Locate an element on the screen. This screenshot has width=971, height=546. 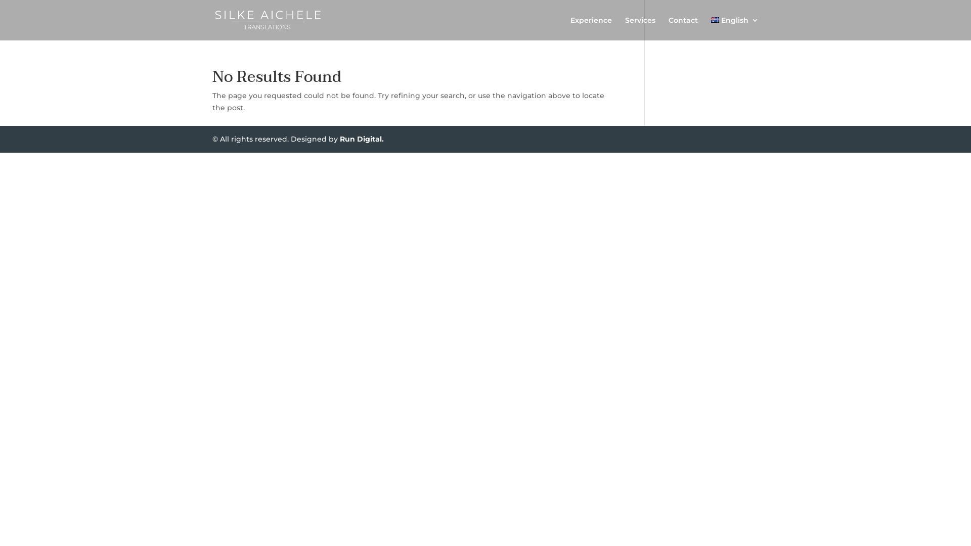
'Contact' is located at coordinates (683, 28).